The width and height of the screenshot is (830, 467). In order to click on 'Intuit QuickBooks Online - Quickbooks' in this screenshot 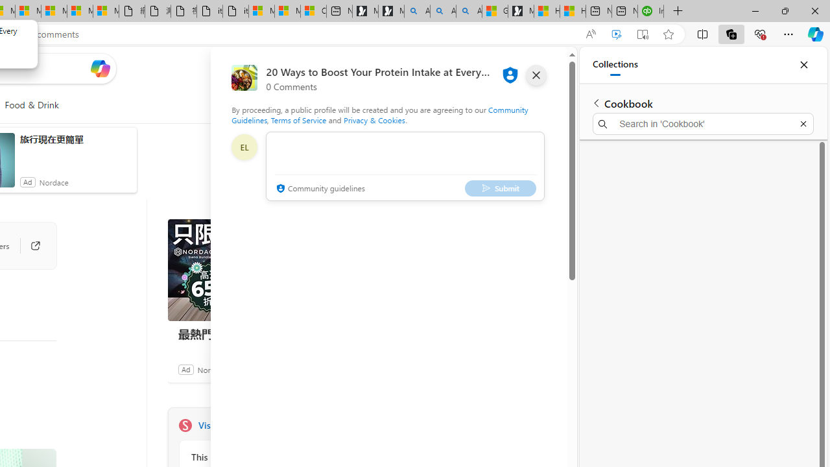, I will do `click(650, 11)`.